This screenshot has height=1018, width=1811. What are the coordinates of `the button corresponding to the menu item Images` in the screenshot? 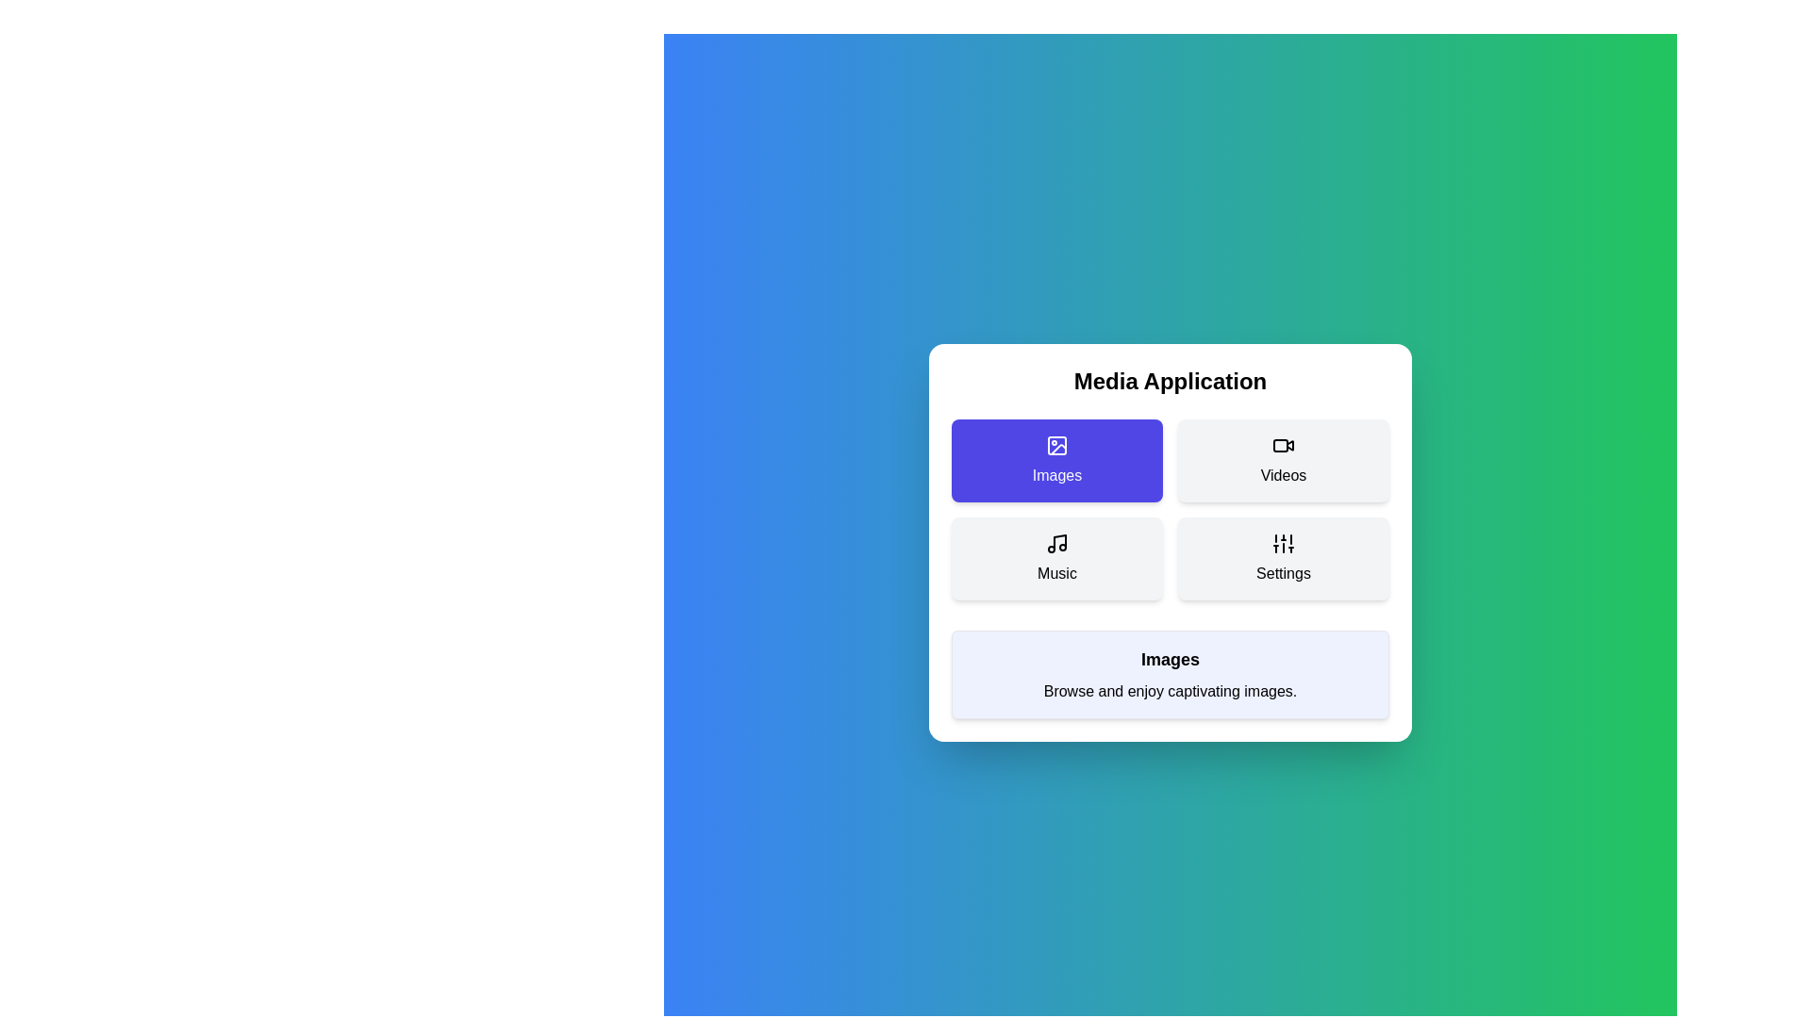 It's located at (1057, 461).